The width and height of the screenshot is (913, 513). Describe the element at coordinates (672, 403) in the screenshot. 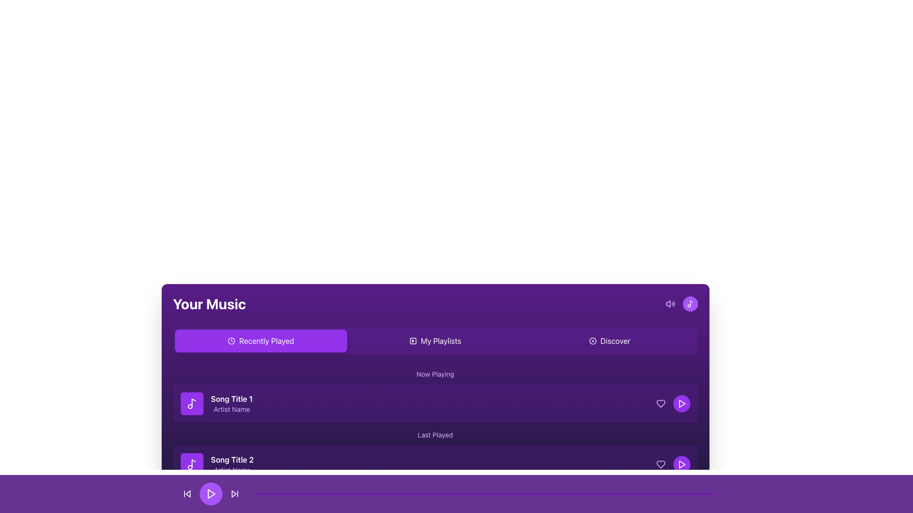

I see `the circular button with a purple background and a white play icon located on the right side of the row for 'Song Title 1' to change its appearance` at that location.